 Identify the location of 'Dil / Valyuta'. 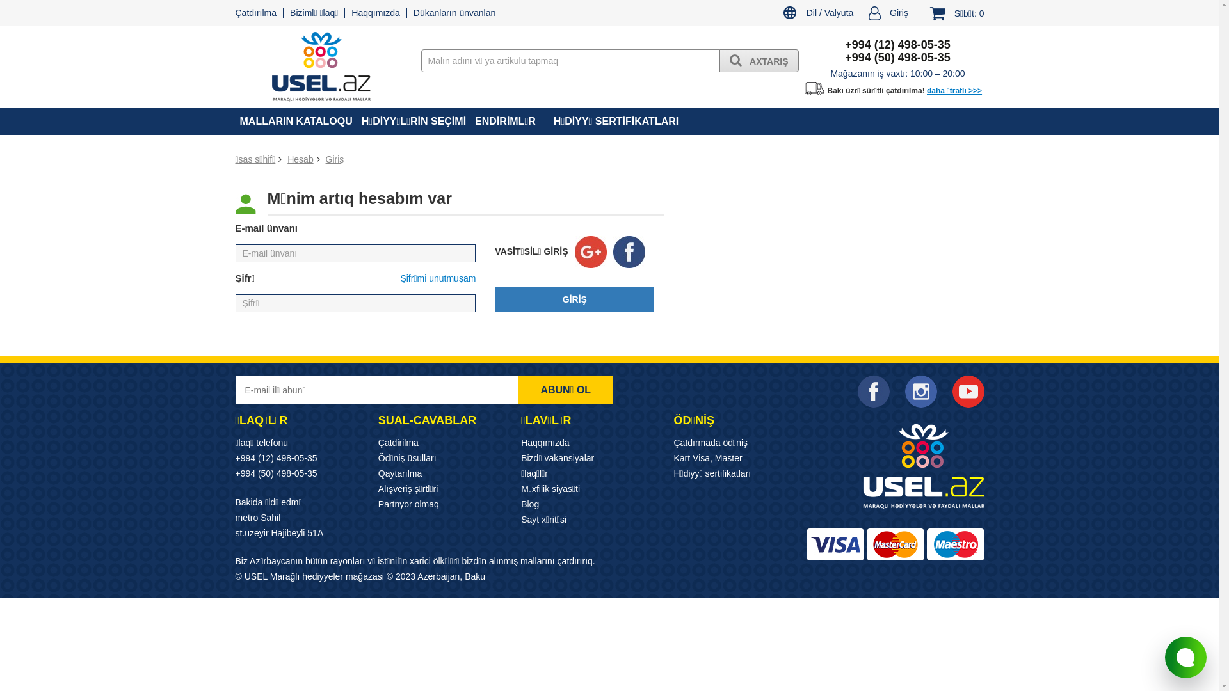
(817, 15).